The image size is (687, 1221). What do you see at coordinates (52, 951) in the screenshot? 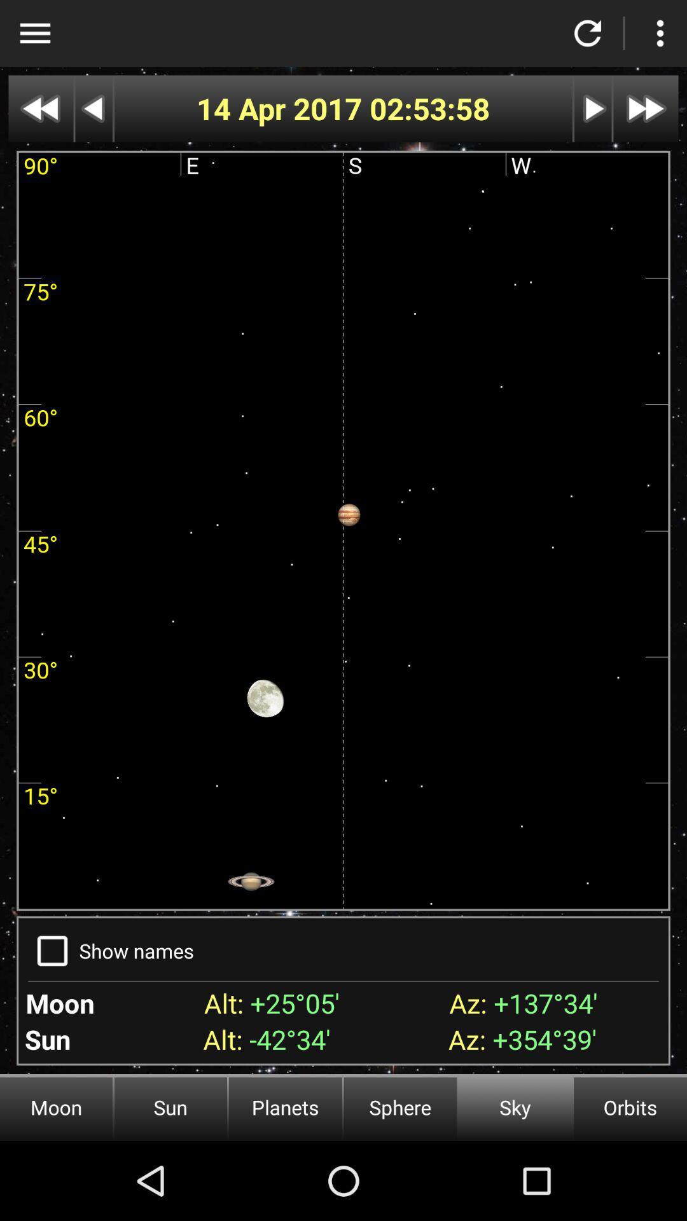
I see `the app next to show names` at bounding box center [52, 951].